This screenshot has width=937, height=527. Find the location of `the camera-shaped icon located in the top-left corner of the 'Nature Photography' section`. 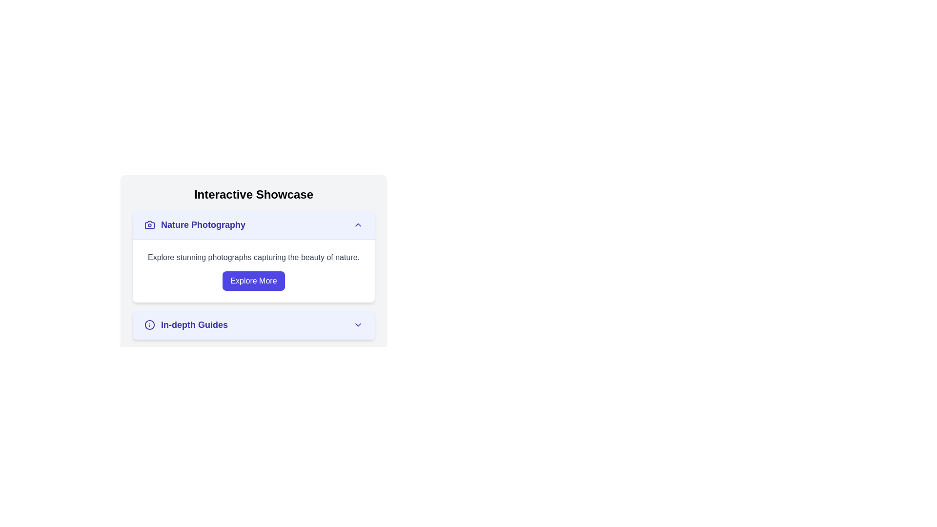

the camera-shaped icon located in the top-left corner of the 'Nature Photography' section is located at coordinates (149, 225).